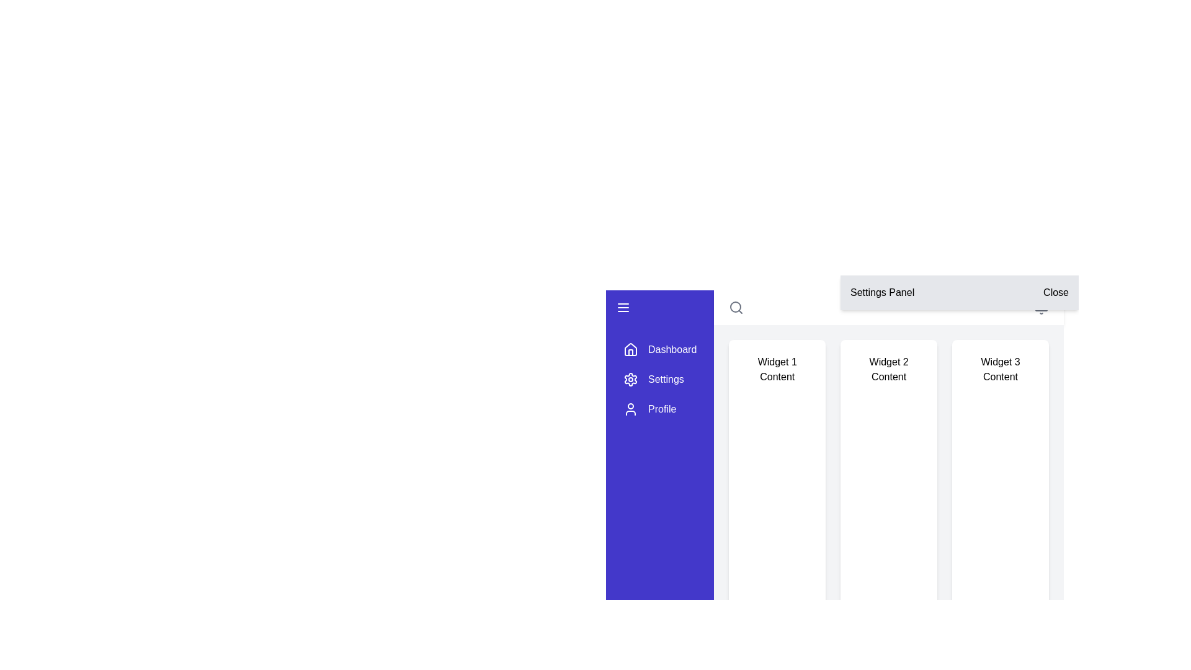 The width and height of the screenshot is (1191, 670). Describe the element at coordinates (736, 306) in the screenshot. I see `circular component of the search icon located in the upper right portion of the interface, adjacent to the settings panel` at that location.